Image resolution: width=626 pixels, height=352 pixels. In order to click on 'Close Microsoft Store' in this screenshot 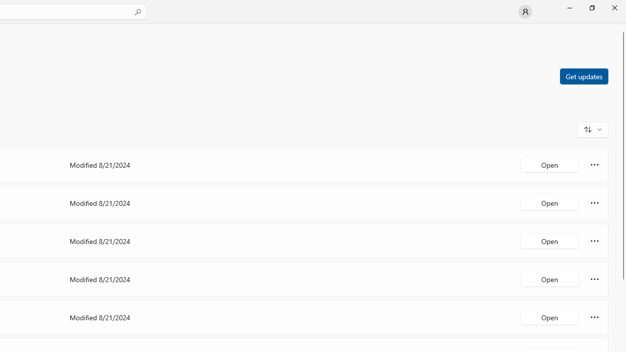, I will do `click(614, 7)`.